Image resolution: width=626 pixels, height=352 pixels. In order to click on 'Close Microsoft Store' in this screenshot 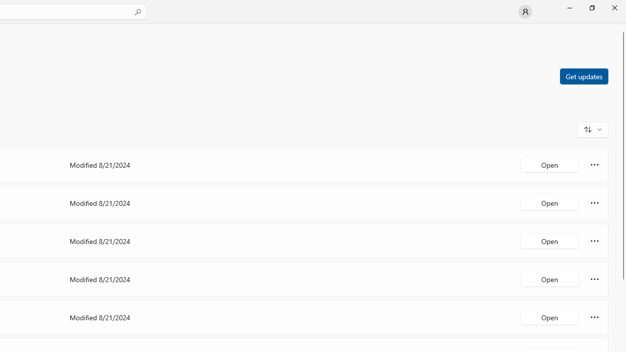, I will do `click(614, 7)`.